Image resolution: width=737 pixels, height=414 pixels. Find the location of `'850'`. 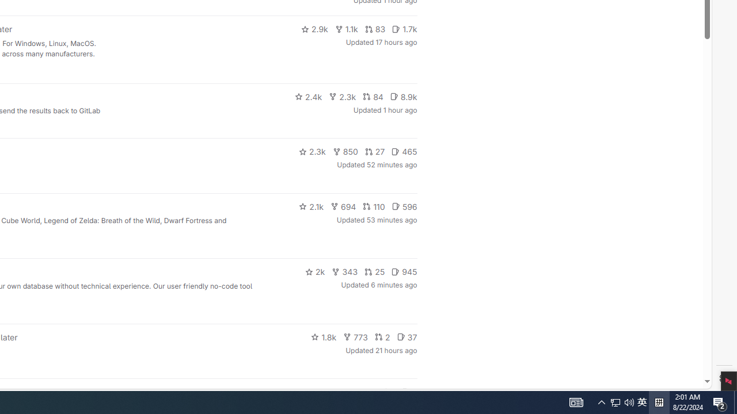

'850' is located at coordinates (344, 151).